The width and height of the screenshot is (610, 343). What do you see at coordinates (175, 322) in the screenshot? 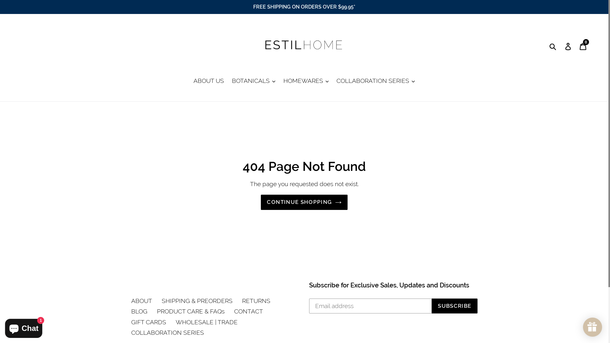
I see `'WHOLESALE | TRADE'` at bounding box center [175, 322].